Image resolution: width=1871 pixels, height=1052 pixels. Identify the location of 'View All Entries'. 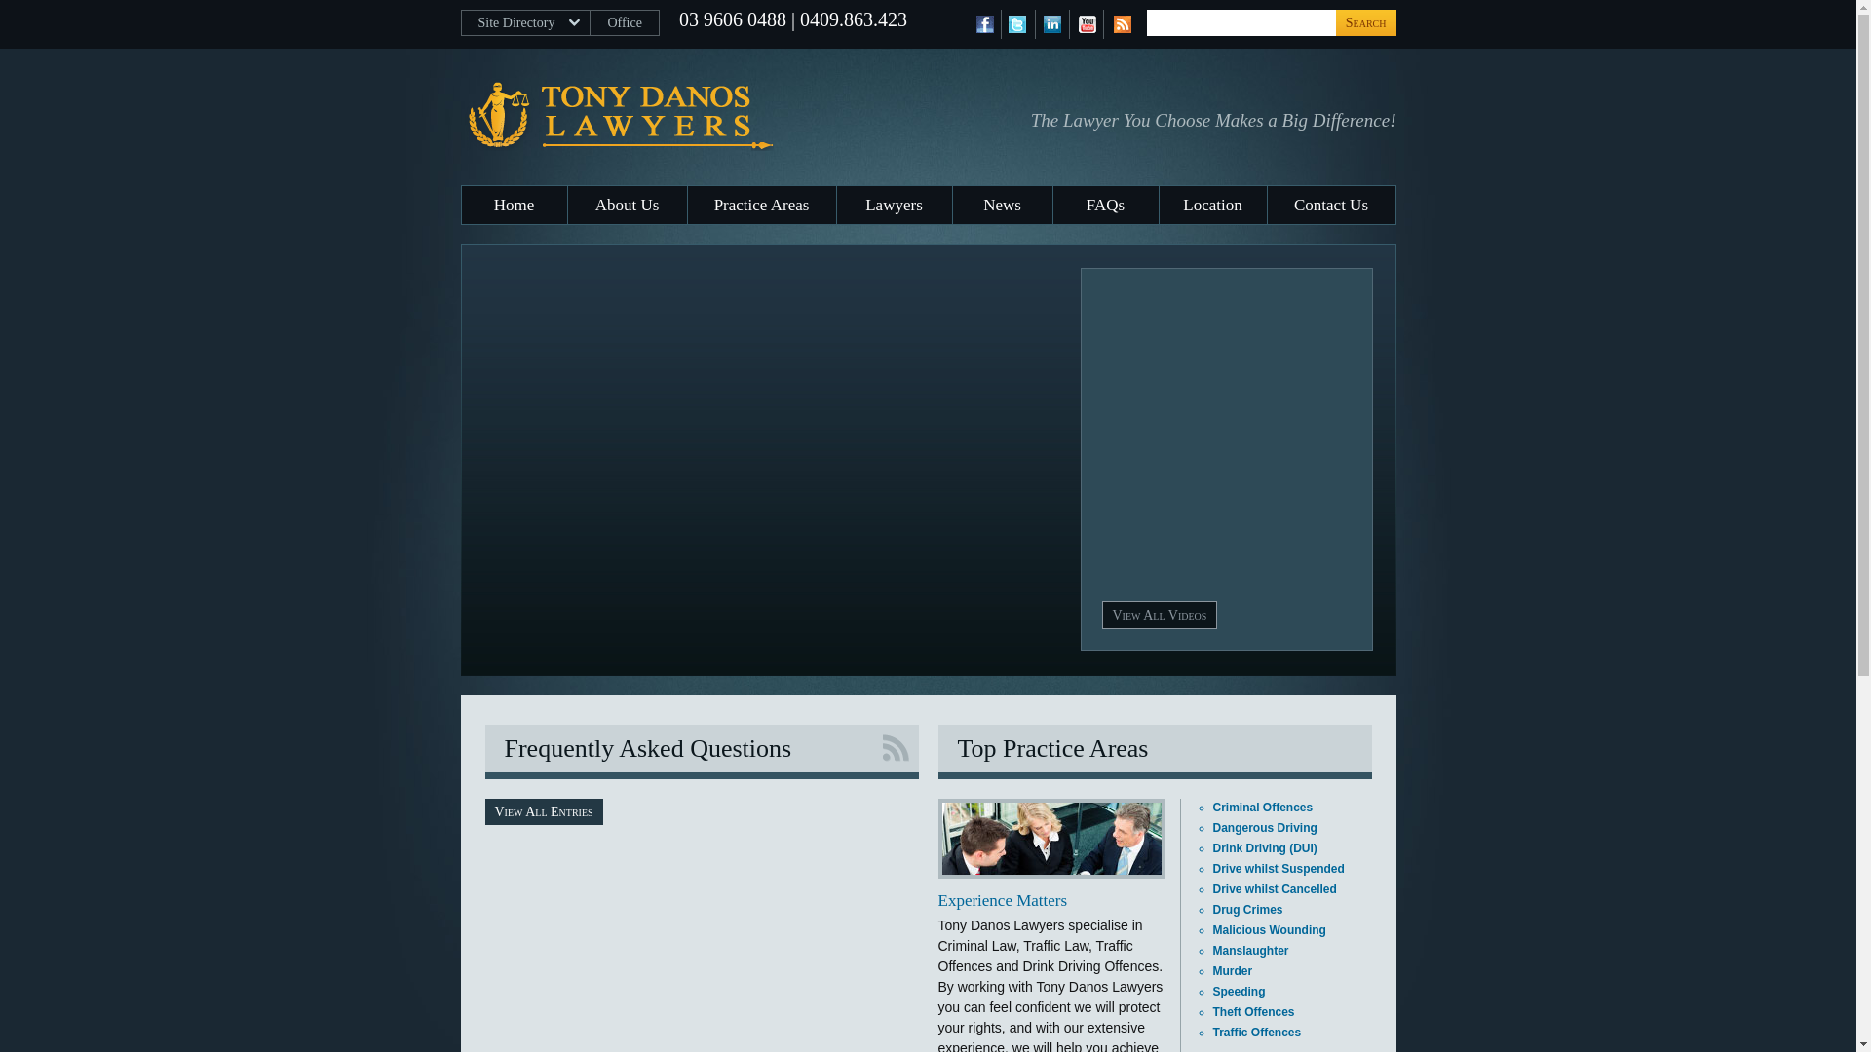
(544, 811).